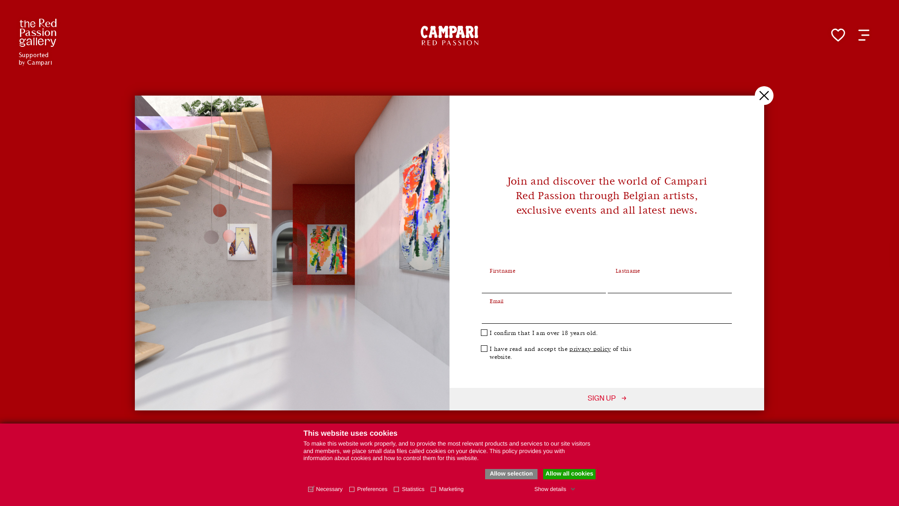 The image size is (899, 506). What do you see at coordinates (37, 32) in the screenshot?
I see `'Supported by Campari'` at bounding box center [37, 32].